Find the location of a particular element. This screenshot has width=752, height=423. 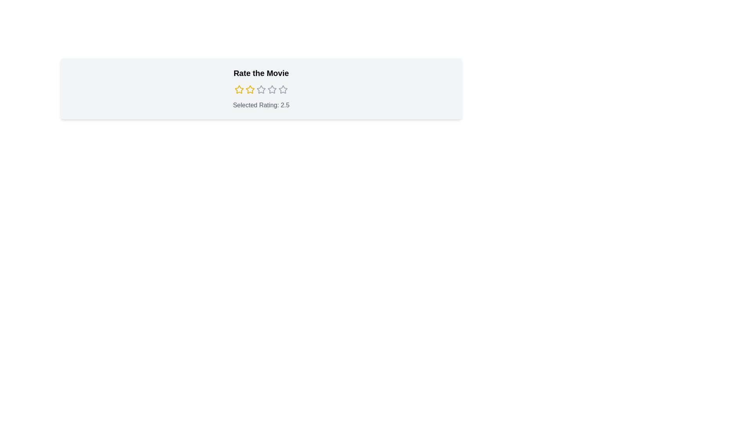

the first yellow star icon with a hollow center is located at coordinates (239, 89).